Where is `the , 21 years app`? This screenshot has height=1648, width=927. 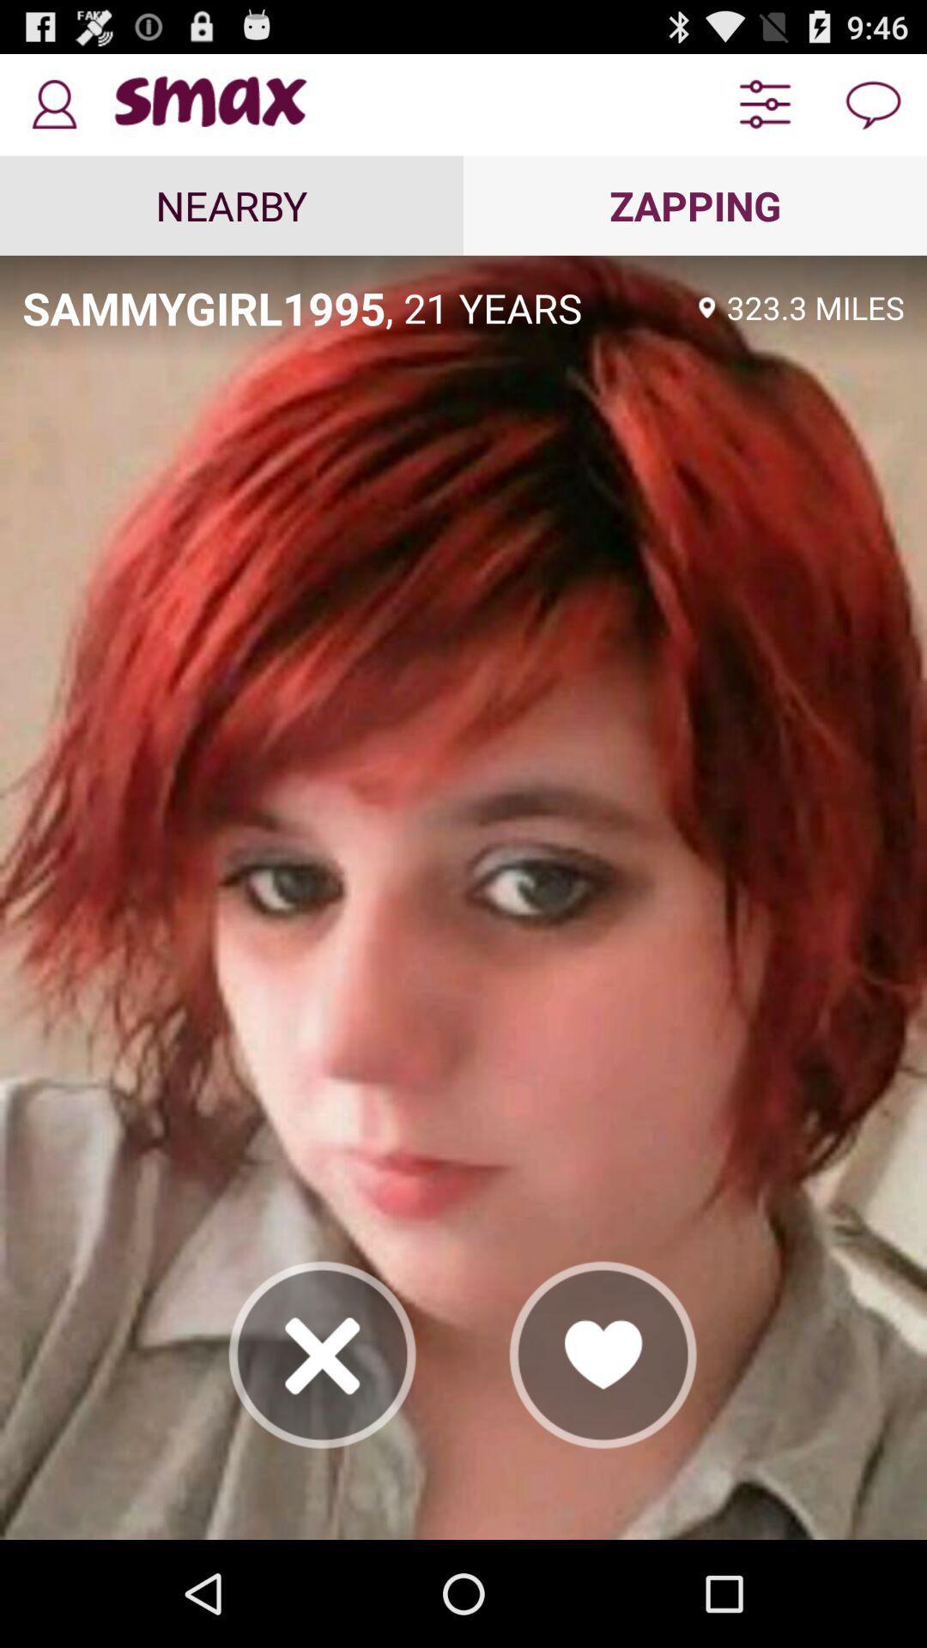
the , 21 years app is located at coordinates (536, 307).